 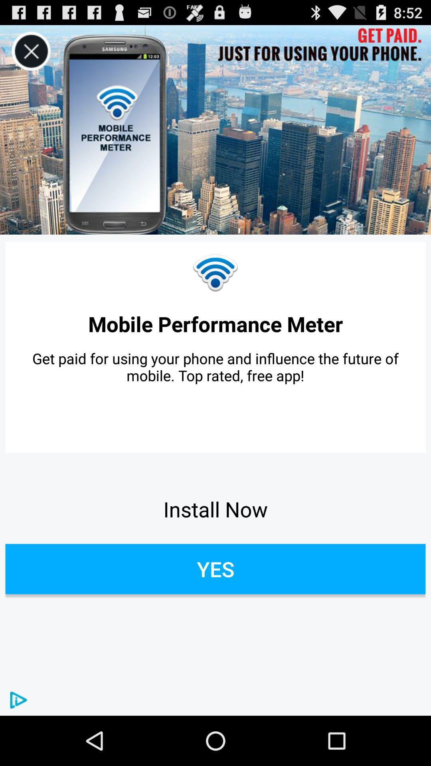 I want to click on the icon above mobile performance meter icon, so click(x=31, y=51).